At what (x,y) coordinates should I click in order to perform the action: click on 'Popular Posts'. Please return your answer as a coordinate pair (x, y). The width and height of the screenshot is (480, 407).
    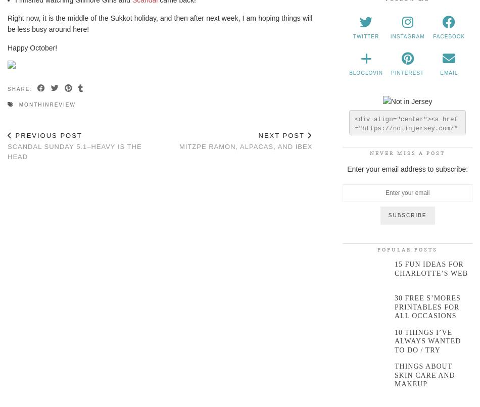
    Looking at the image, I should click on (407, 248).